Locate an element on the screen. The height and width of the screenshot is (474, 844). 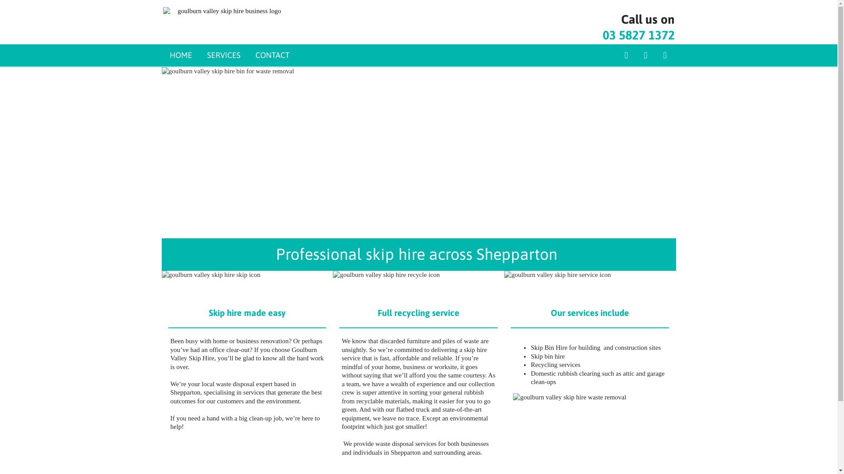
'goulburn valley skip hire waste removal' is located at coordinates (513, 430).